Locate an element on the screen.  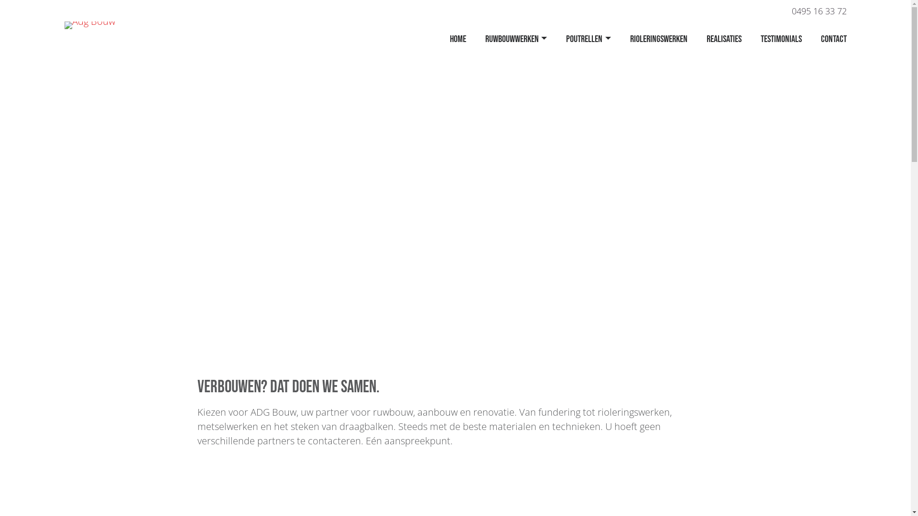
'RUWBOUWWERKEN' is located at coordinates (515, 39).